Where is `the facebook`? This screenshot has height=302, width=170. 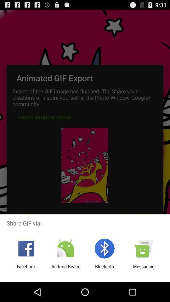
the facebook is located at coordinates (26, 269).